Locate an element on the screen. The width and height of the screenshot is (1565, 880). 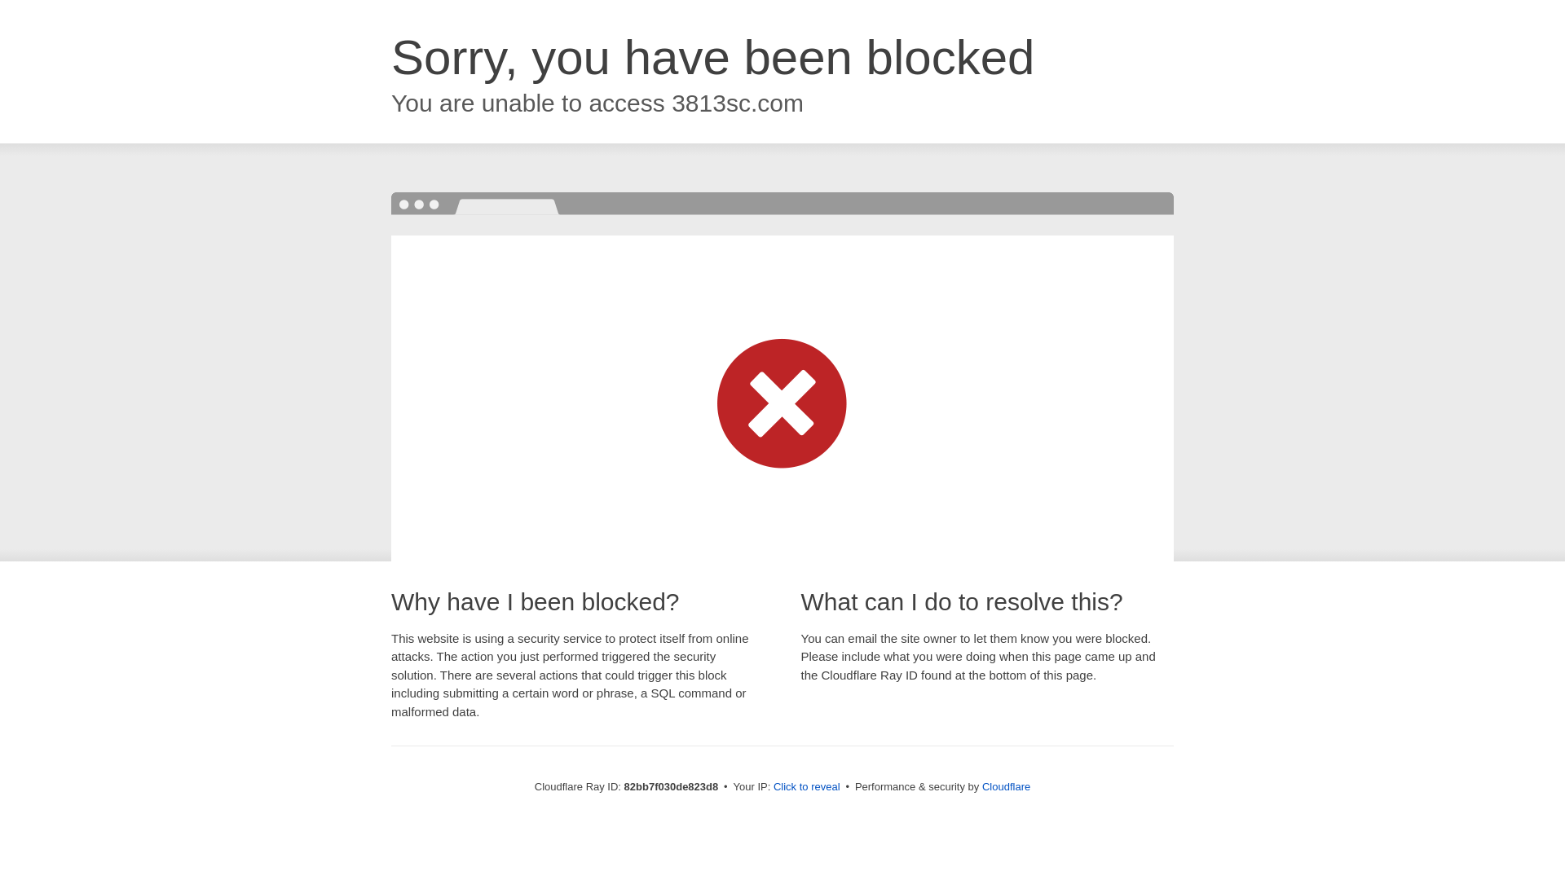
'Cloudflare' is located at coordinates (981, 785).